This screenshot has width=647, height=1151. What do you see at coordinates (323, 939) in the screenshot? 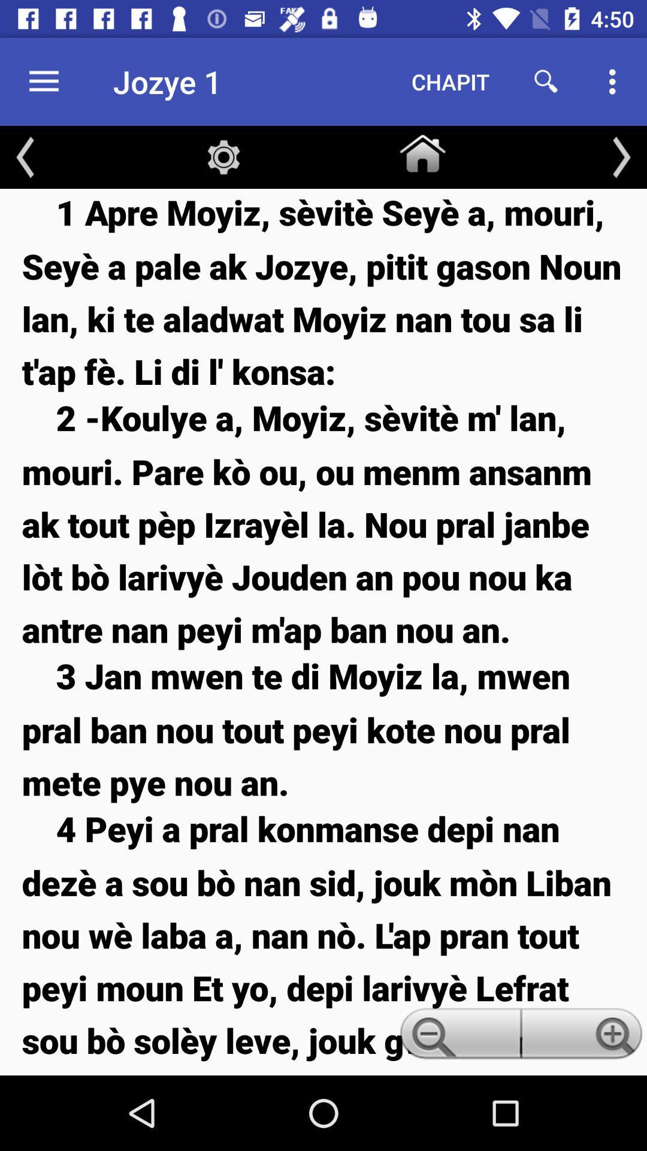
I see `icon below 3 jan mwen icon` at bounding box center [323, 939].